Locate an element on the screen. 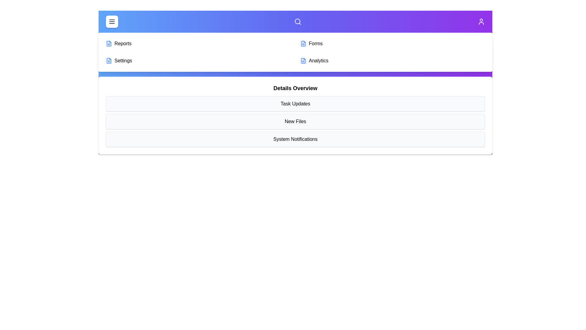 Image resolution: width=586 pixels, height=330 pixels. the menu item Analytics from the available options is located at coordinates (392, 61).